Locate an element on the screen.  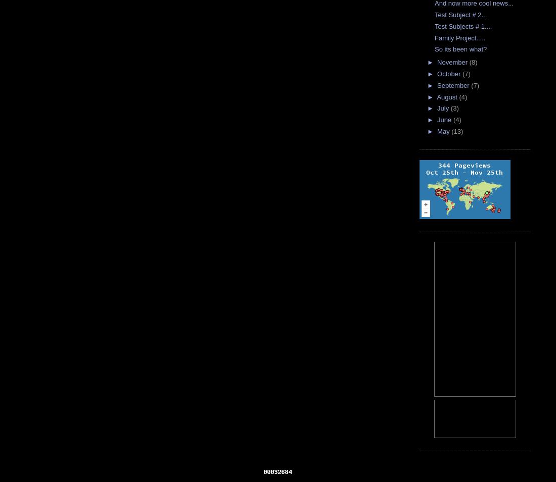
'October' is located at coordinates (449, 73).